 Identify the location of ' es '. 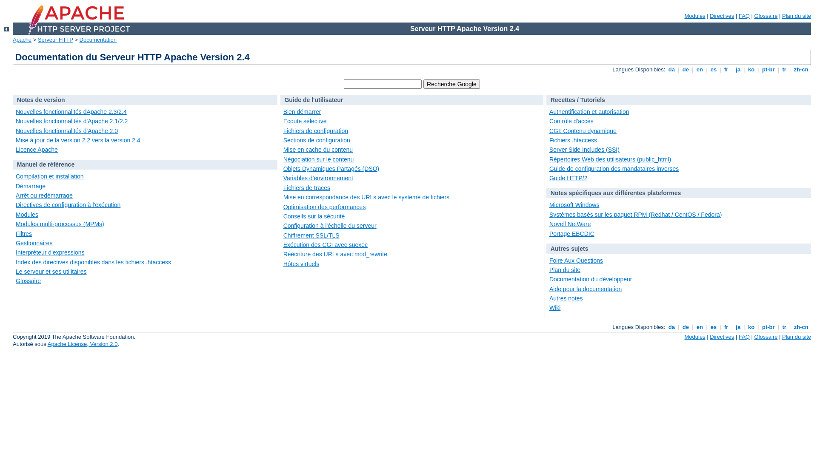
(713, 326).